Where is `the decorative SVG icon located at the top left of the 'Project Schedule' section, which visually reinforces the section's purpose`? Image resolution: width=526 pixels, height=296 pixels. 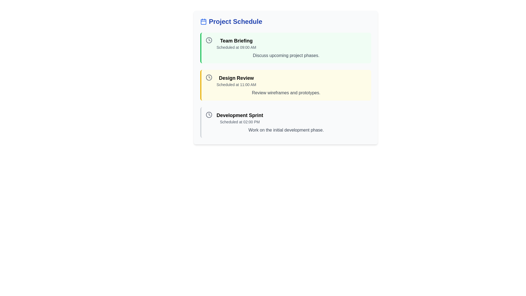
the decorative SVG icon located at the top left of the 'Project Schedule' section, which visually reinforces the section's purpose is located at coordinates (203, 21).